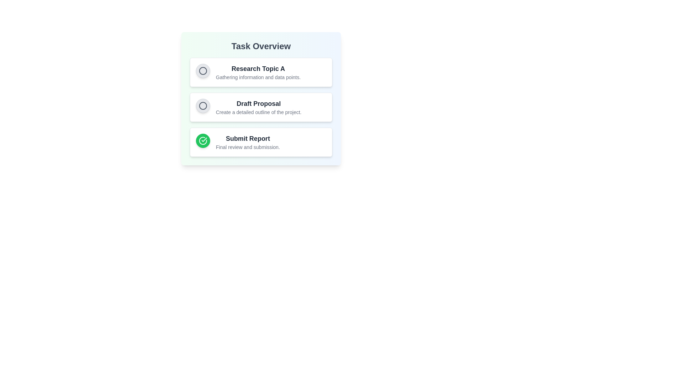  What do you see at coordinates (261, 107) in the screenshot?
I see `the 'Draft Proposal' task item card in the checklist` at bounding box center [261, 107].